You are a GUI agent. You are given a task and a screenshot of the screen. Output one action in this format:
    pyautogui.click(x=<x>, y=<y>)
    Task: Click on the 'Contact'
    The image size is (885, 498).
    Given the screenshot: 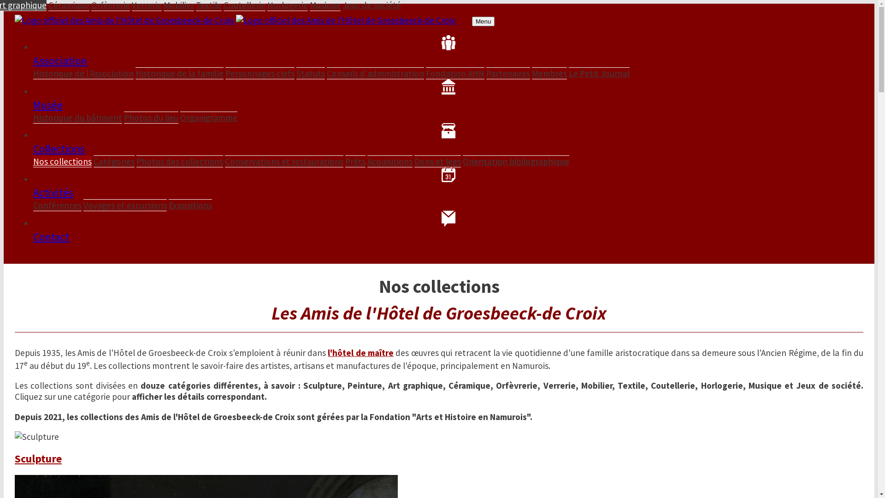 What is the action you would take?
    pyautogui.click(x=33, y=227)
    